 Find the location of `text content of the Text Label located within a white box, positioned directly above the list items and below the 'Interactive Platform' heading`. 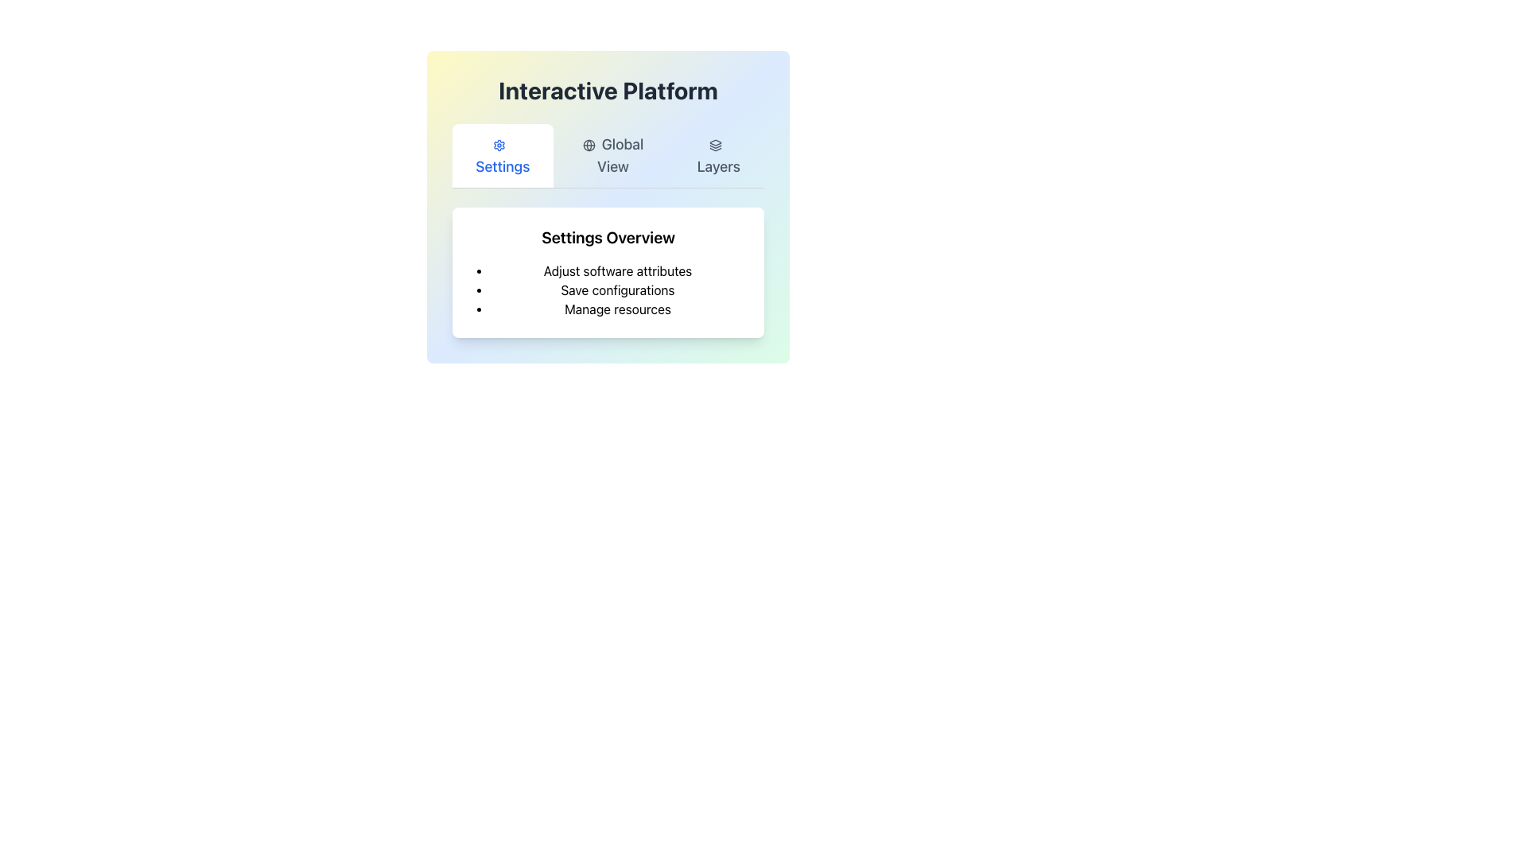

text content of the Text Label located within a white box, positioned directly above the list items and below the 'Interactive Platform' heading is located at coordinates (607, 238).